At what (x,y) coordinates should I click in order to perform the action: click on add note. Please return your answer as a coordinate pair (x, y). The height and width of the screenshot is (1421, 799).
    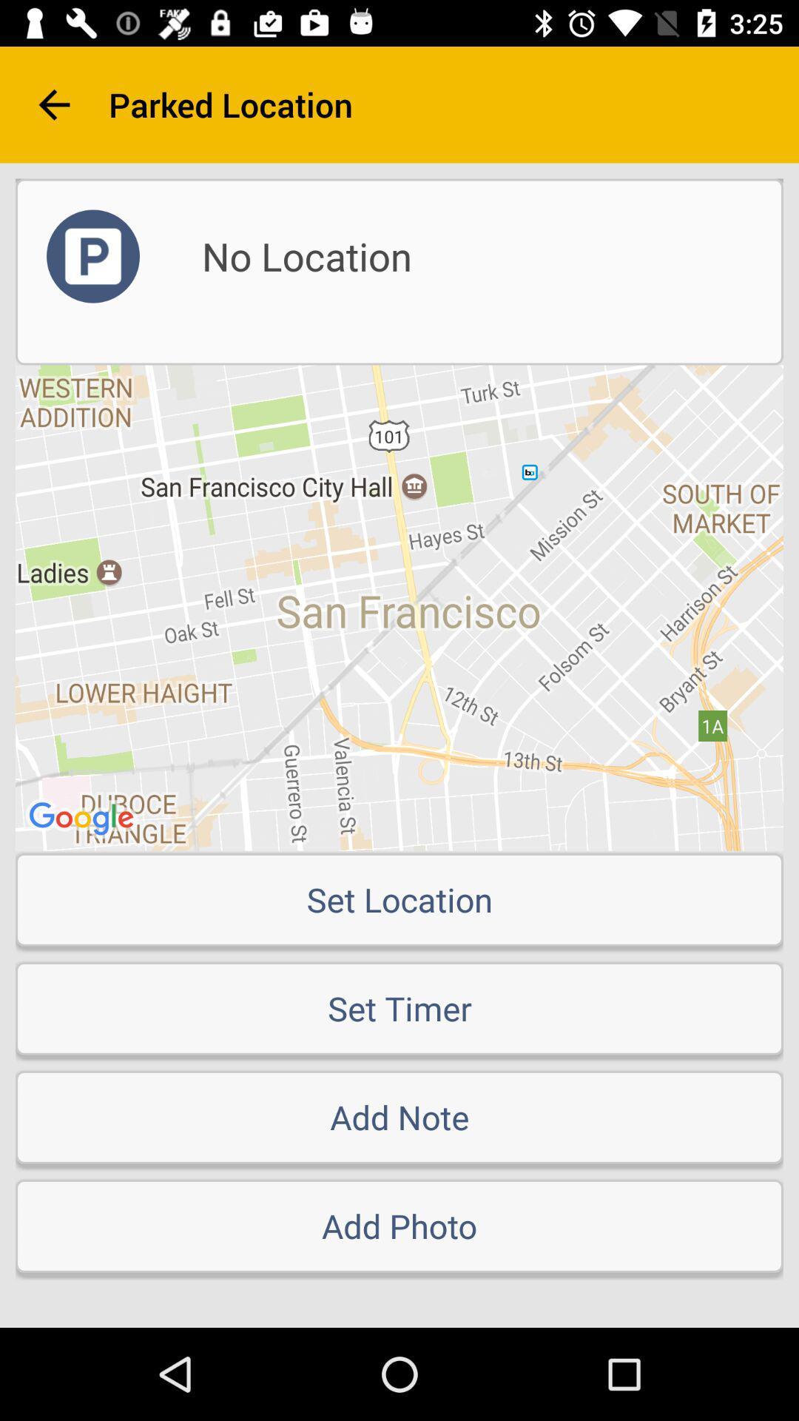
    Looking at the image, I should click on (399, 1117).